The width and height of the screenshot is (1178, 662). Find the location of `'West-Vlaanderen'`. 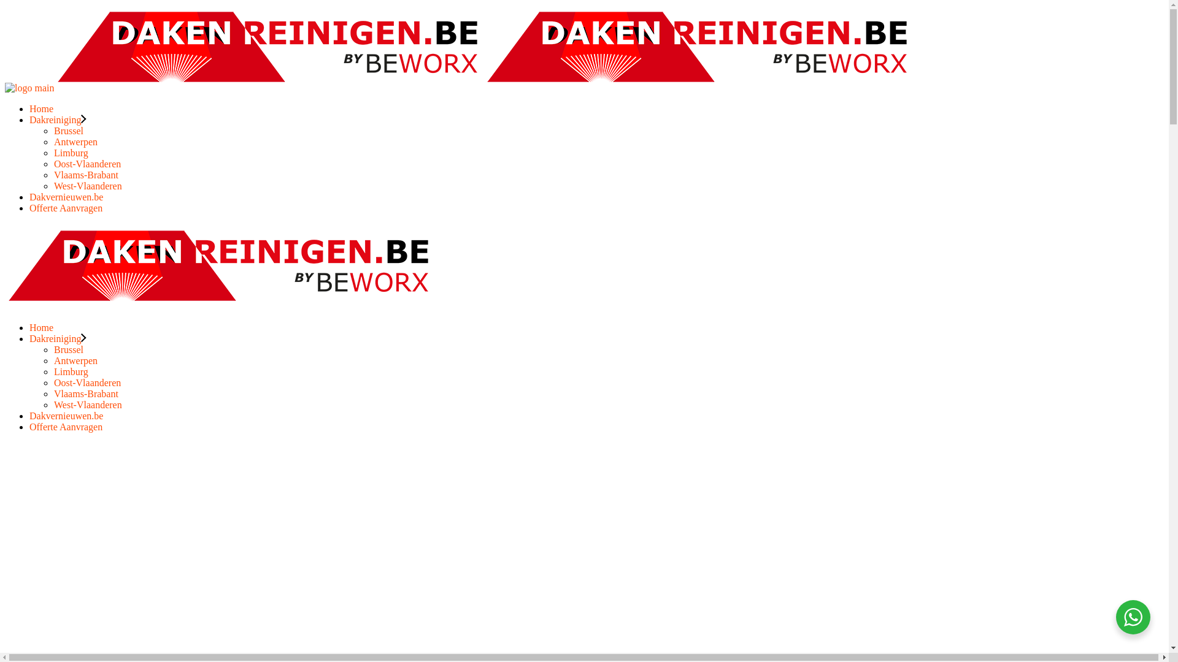

'West-Vlaanderen' is located at coordinates (87, 186).